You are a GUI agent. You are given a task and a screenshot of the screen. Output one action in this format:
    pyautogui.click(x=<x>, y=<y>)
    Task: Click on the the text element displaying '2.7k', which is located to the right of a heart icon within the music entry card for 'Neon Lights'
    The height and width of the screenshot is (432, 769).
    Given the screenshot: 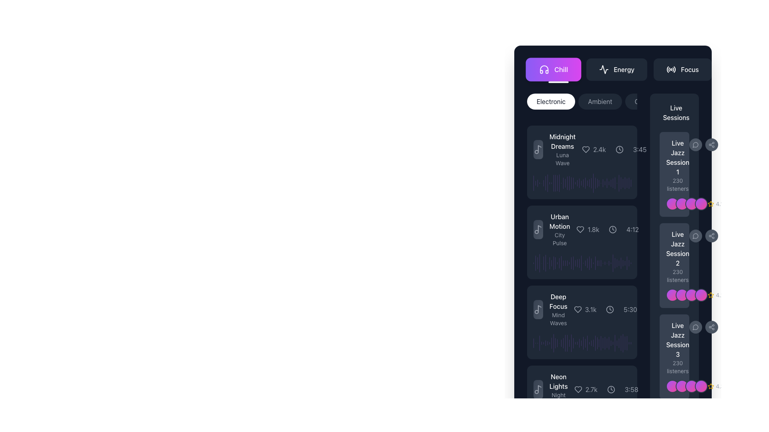 What is the action you would take?
    pyautogui.click(x=591, y=389)
    